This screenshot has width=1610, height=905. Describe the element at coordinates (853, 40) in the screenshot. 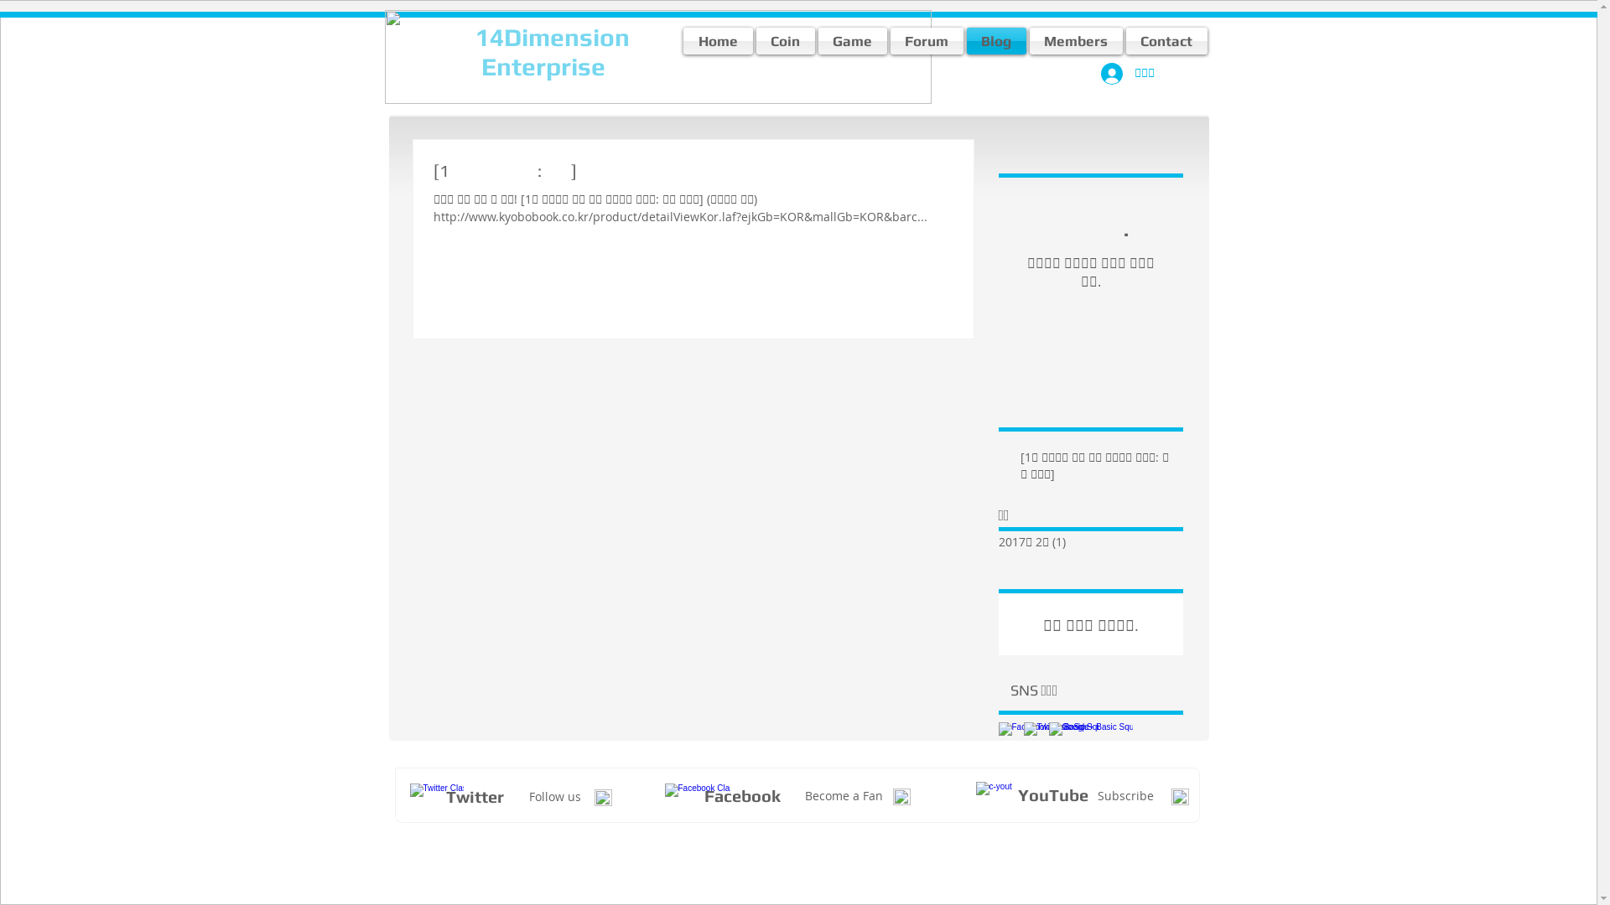

I see `'Game'` at that location.